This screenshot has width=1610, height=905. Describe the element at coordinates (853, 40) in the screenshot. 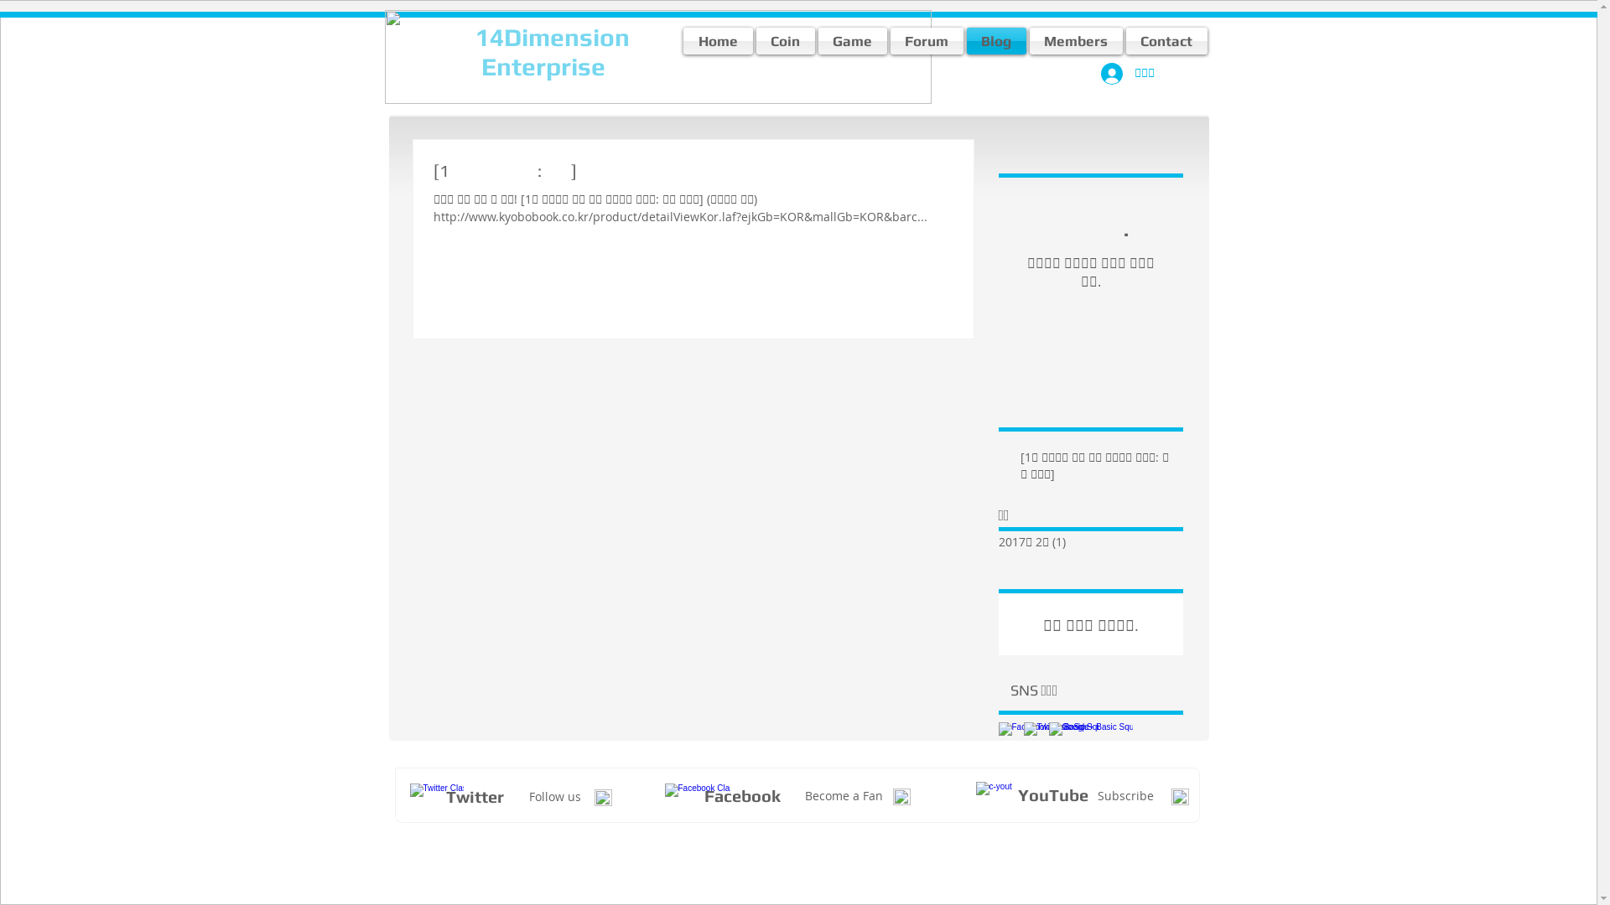

I see `'Game'` at that location.